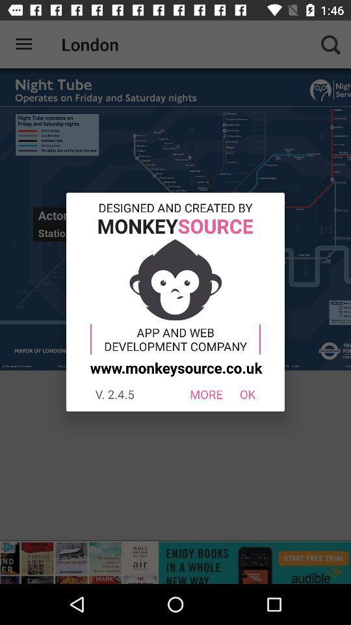 The width and height of the screenshot is (351, 625). I want to click on the icon to the right of the v 2 4 icon, so click(206, 393).